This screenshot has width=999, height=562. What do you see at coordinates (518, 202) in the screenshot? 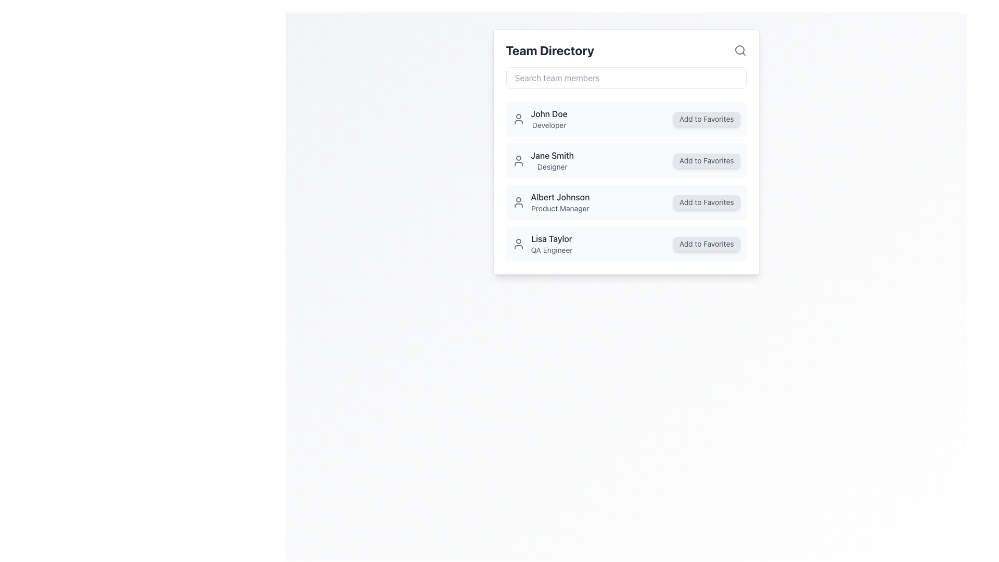
I see `the user icon represented as a generic human silhouette symbol for 'Albert Johnson, Product Manager', located to the left of the text in the team member list` at bounding box center [518, 202].